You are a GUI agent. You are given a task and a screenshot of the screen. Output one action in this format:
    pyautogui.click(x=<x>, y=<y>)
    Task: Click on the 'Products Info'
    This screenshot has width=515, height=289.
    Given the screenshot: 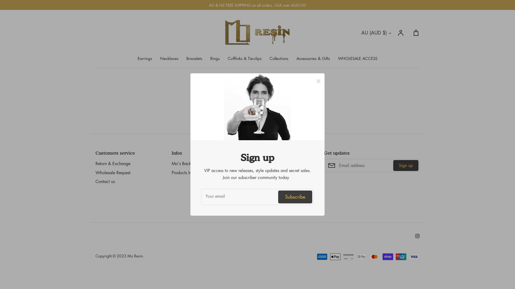 What is the action you would take?
    pyautogui.click(x=183, y=173)
    